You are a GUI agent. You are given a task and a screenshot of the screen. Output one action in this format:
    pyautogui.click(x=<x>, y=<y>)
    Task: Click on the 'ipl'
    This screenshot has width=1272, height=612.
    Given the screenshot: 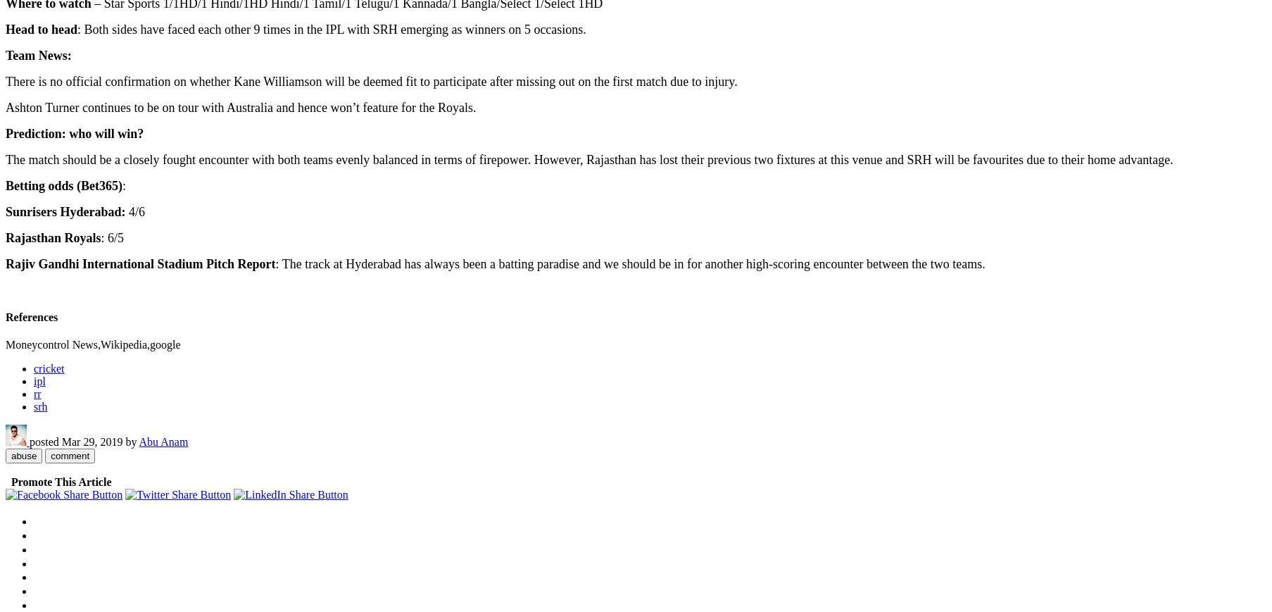 What is the action you would take?
    pyautogui.click(x=34, y=380)
    